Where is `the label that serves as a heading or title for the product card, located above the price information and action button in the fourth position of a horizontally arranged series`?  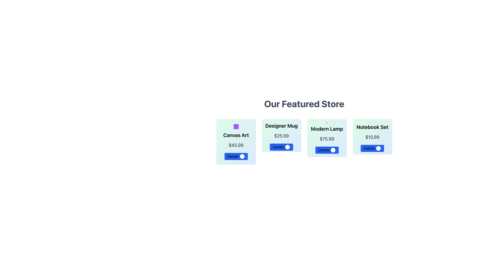
the label that serves as a heading or title for the product card, located above the price information and action button in the fourth position of a horizontally arranged series is located at coordinates (372, 127).